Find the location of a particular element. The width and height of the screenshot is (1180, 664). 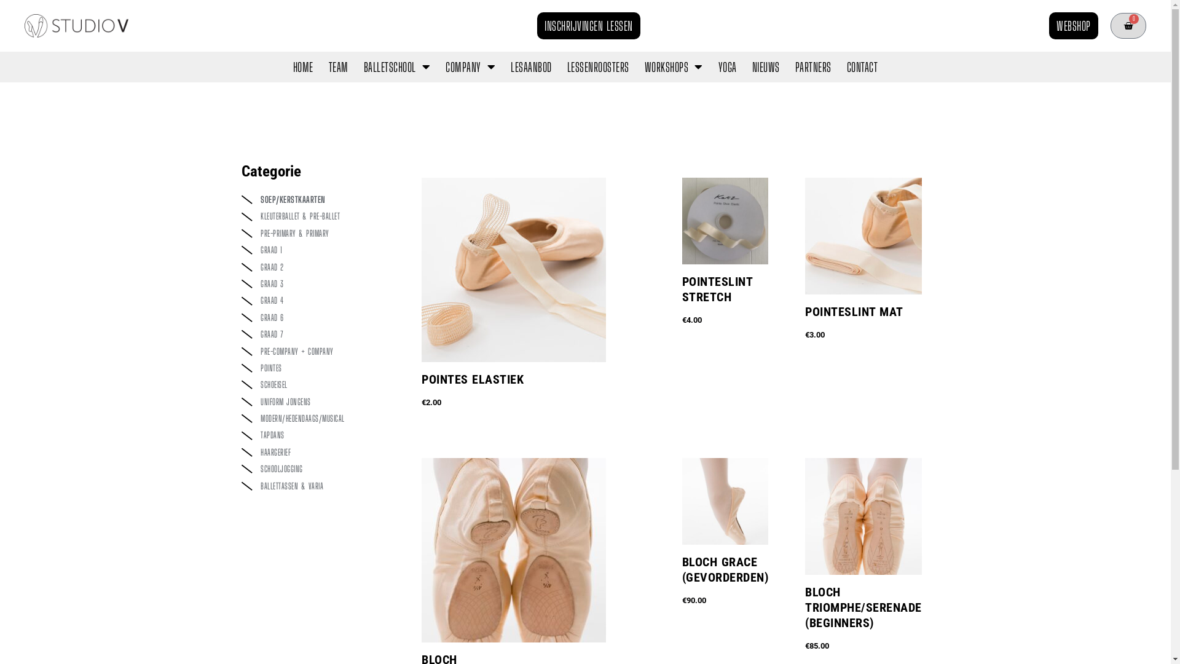

'KLEUTERBALLET & PRE-BALLET' is located at coordinates (318, 215).